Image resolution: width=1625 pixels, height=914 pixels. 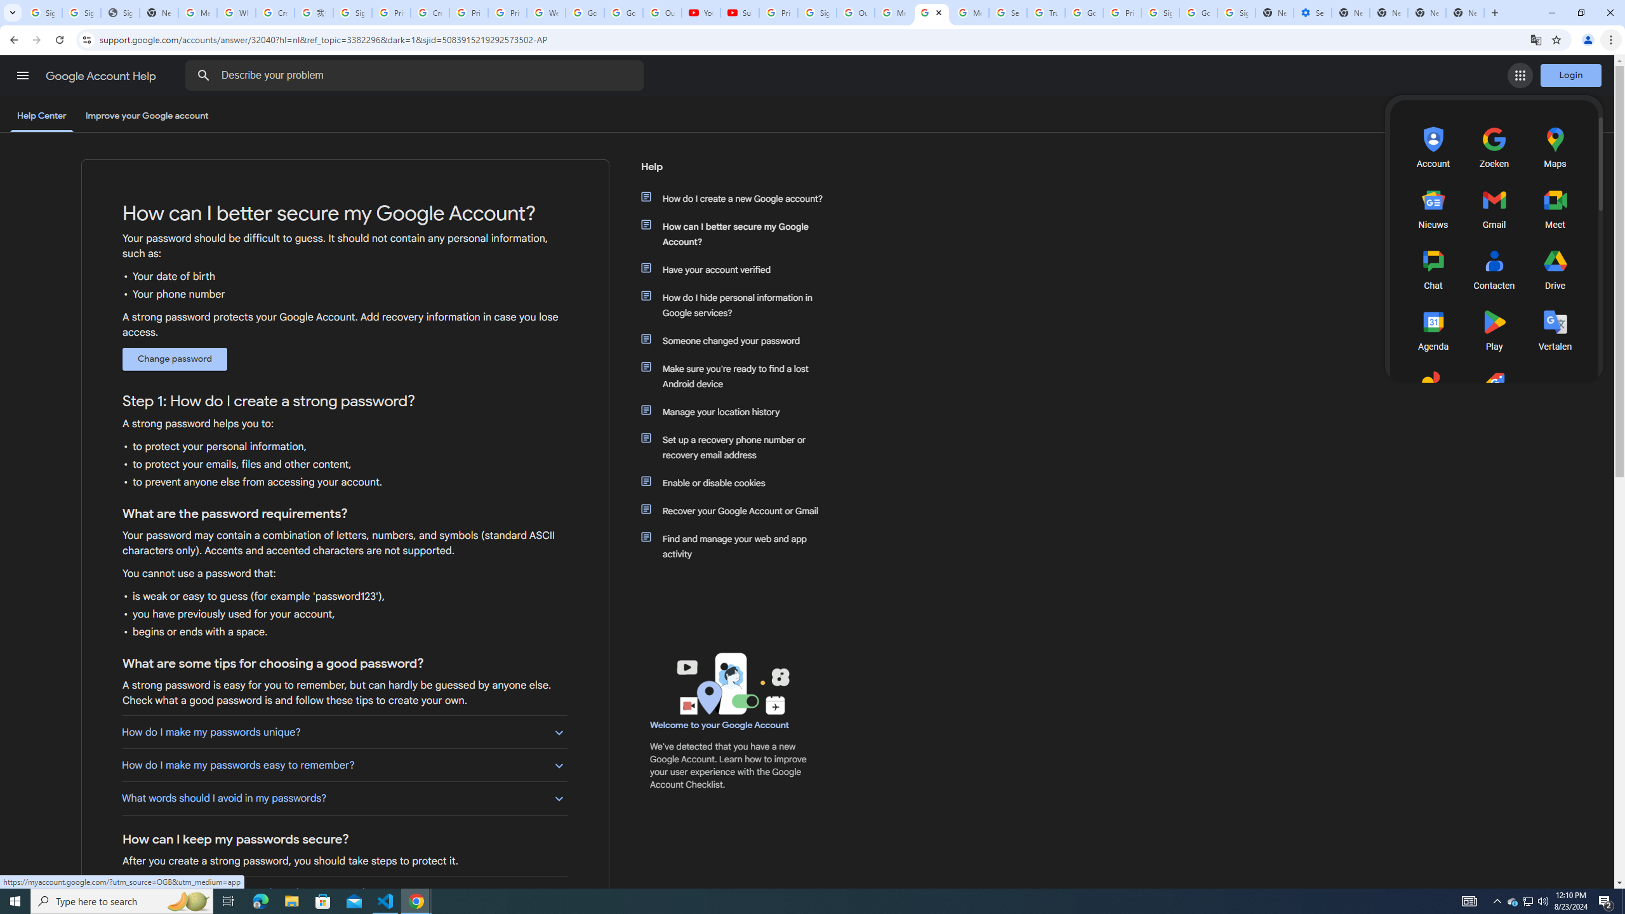 I want to click on 'Help Center', so click(x=41, y=115).